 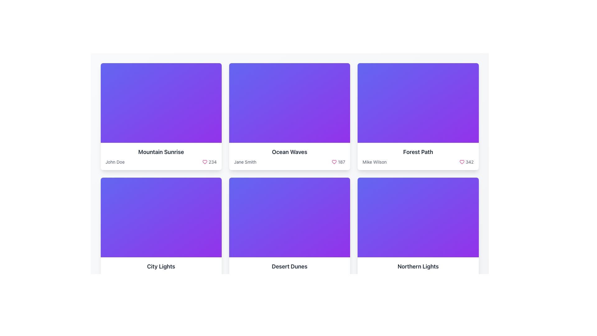 What do you see at coordinates (212, 161) in the screenshot?
I see `text displayed in the likes counter for the 'Mountain Sunrise' item, which is located to the right of the heart icon in the top-left card of the grid` at bounding box center [212, 161].